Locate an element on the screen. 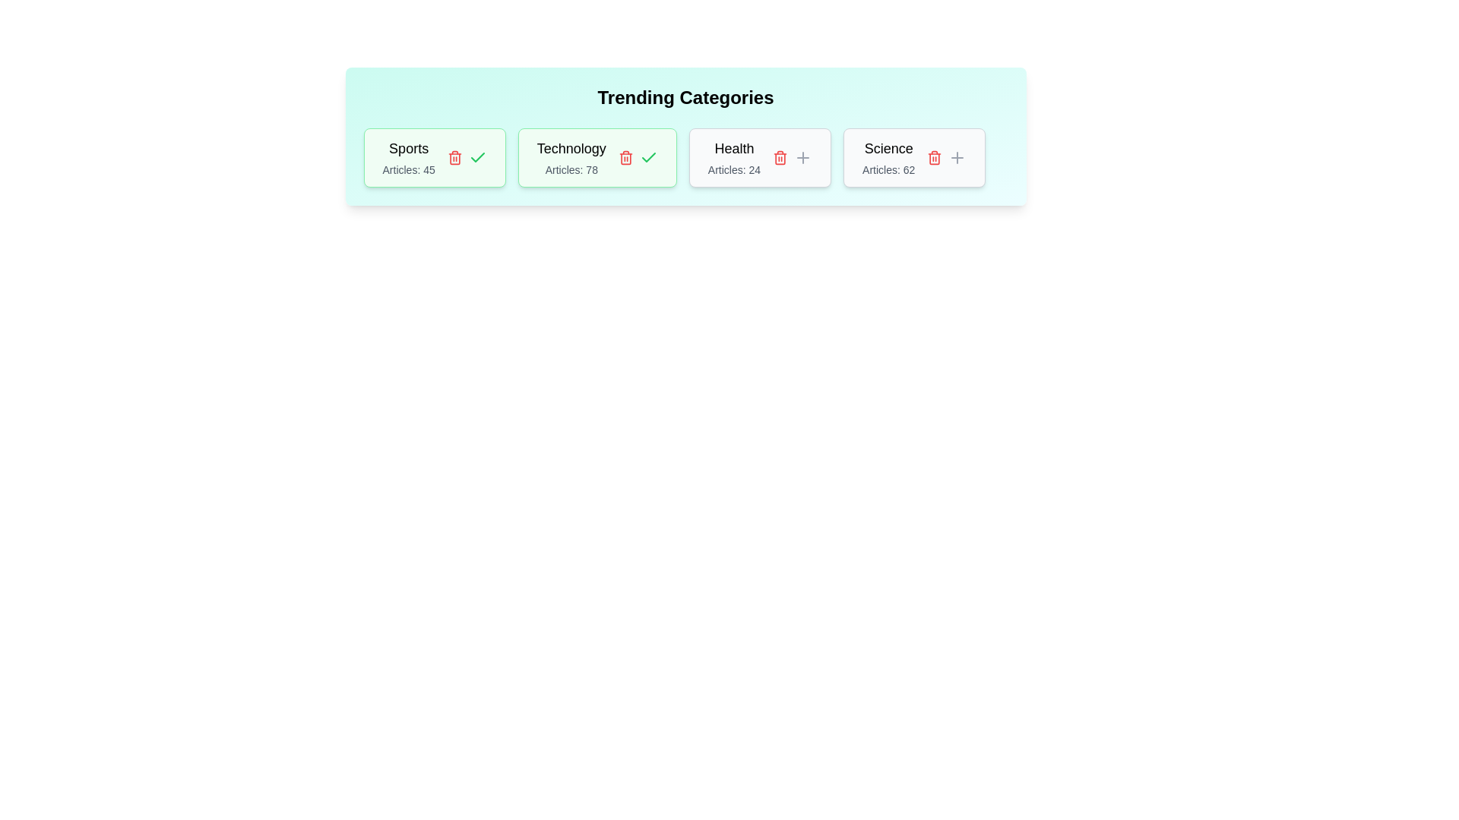 The image size is (1459, 820). the 'Sports' tag to observe its hover effect is located at coordinates (433, 158).